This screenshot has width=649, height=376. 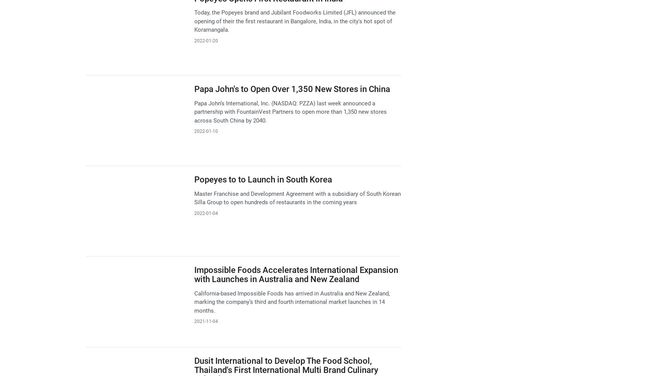 I want to click on 'California-based Impossible Foods has arrived in Australia and New Zealand, marking the company’s third and fourth international market launches in 14 months.', so click(x=291, y=301).